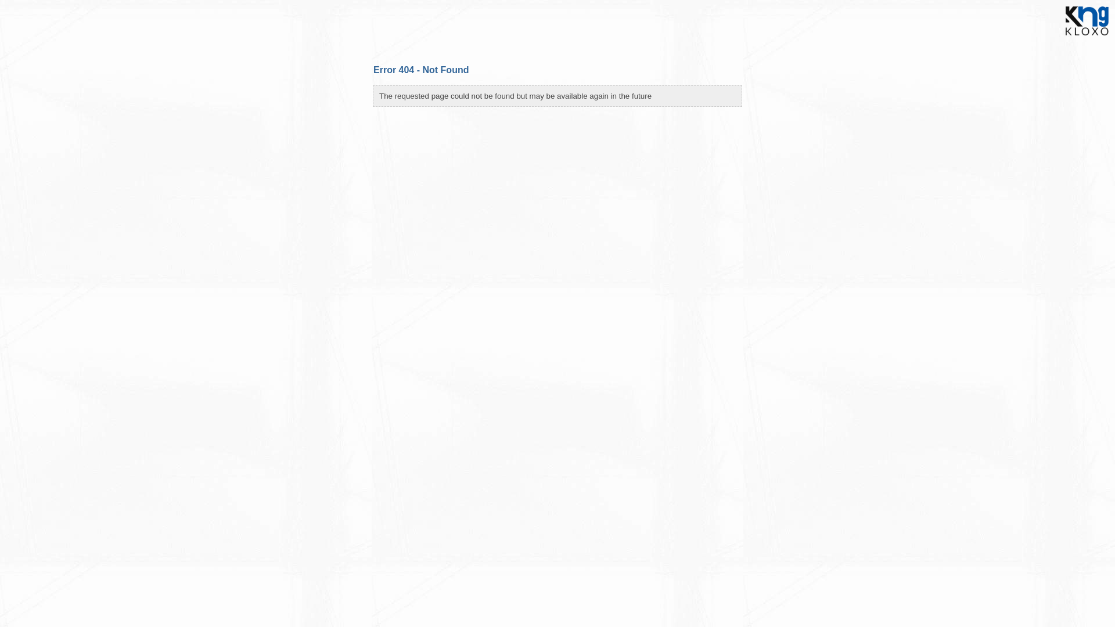 The height and width of the screenshot is (627, 1115). I want to click on 'KloxoNG website', so click(1059, 38).